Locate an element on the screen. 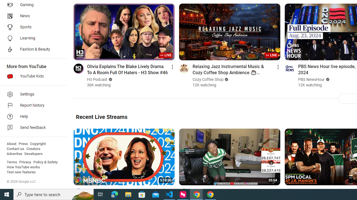  'Sports' is located at coordinates (31, 27).